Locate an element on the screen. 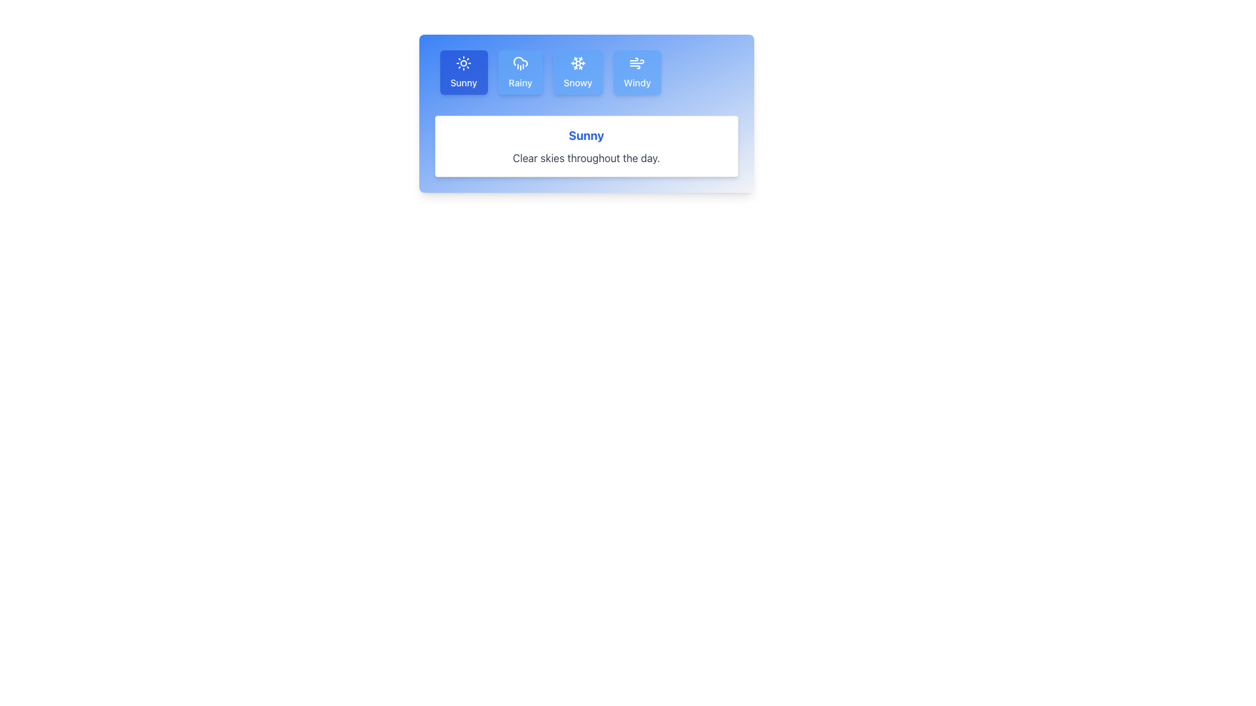 The image size is (1256, 706). the cloud and rain icon within the 'Rainy' button, which is the second button in the horizontal row of weather options located at the upper area of the interface is located at coordinates (519, 63).